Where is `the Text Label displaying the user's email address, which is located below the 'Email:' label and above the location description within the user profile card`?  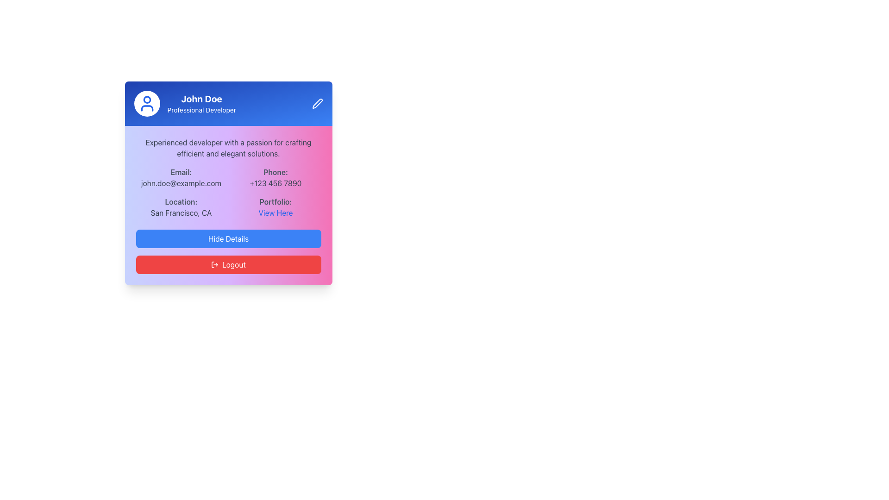
the Text Label displaying the user's email address, which is located below the 'Email:' label and above the location description within the user profile card is located at coordinates (181, 183).